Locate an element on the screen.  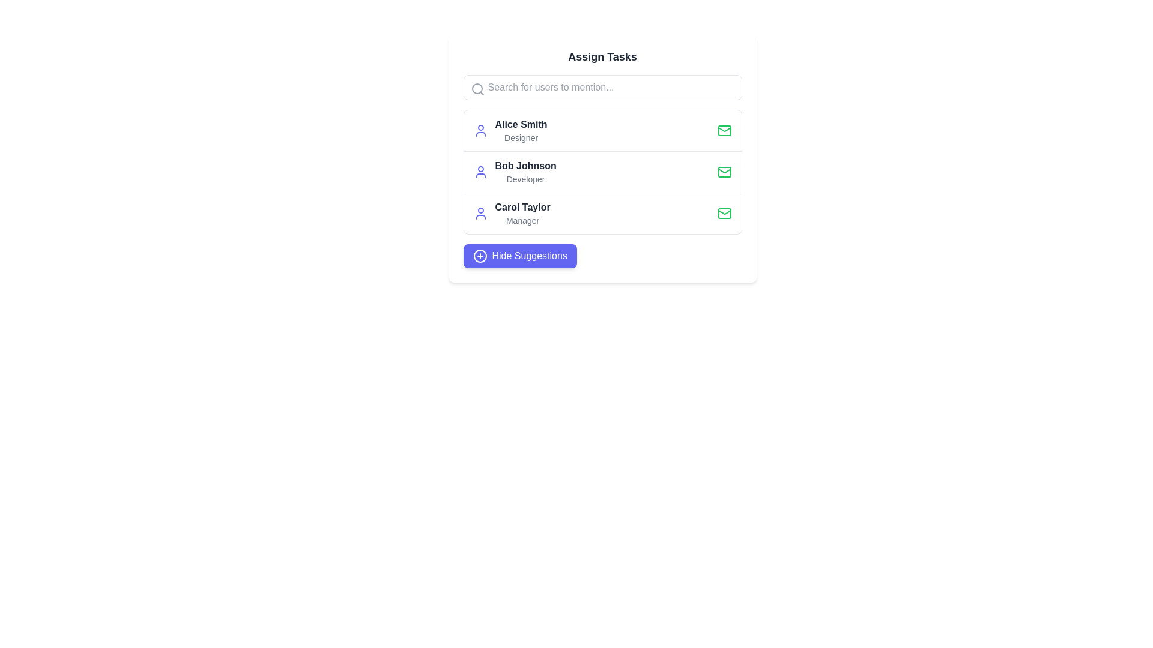
the input field surrounding the SVG circle element, which is styled with a thin stroke and located within the search magnifier icon at the top-left corner of the task assignment panel is located at coordinates (476, 88).